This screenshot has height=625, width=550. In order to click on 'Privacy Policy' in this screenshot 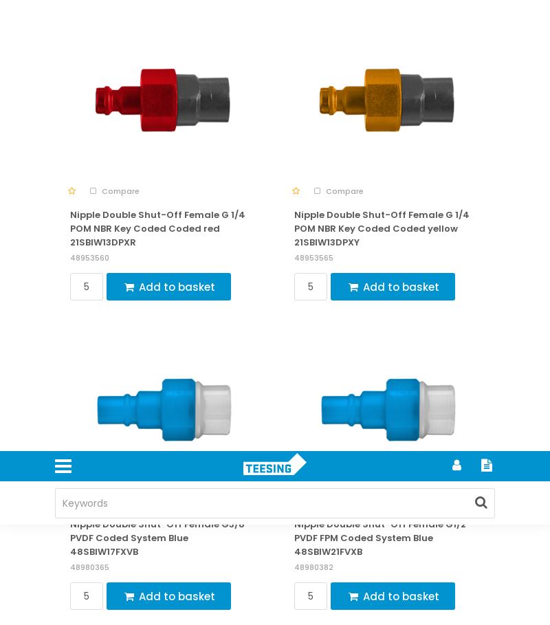, I will do `click(376, 67)`.